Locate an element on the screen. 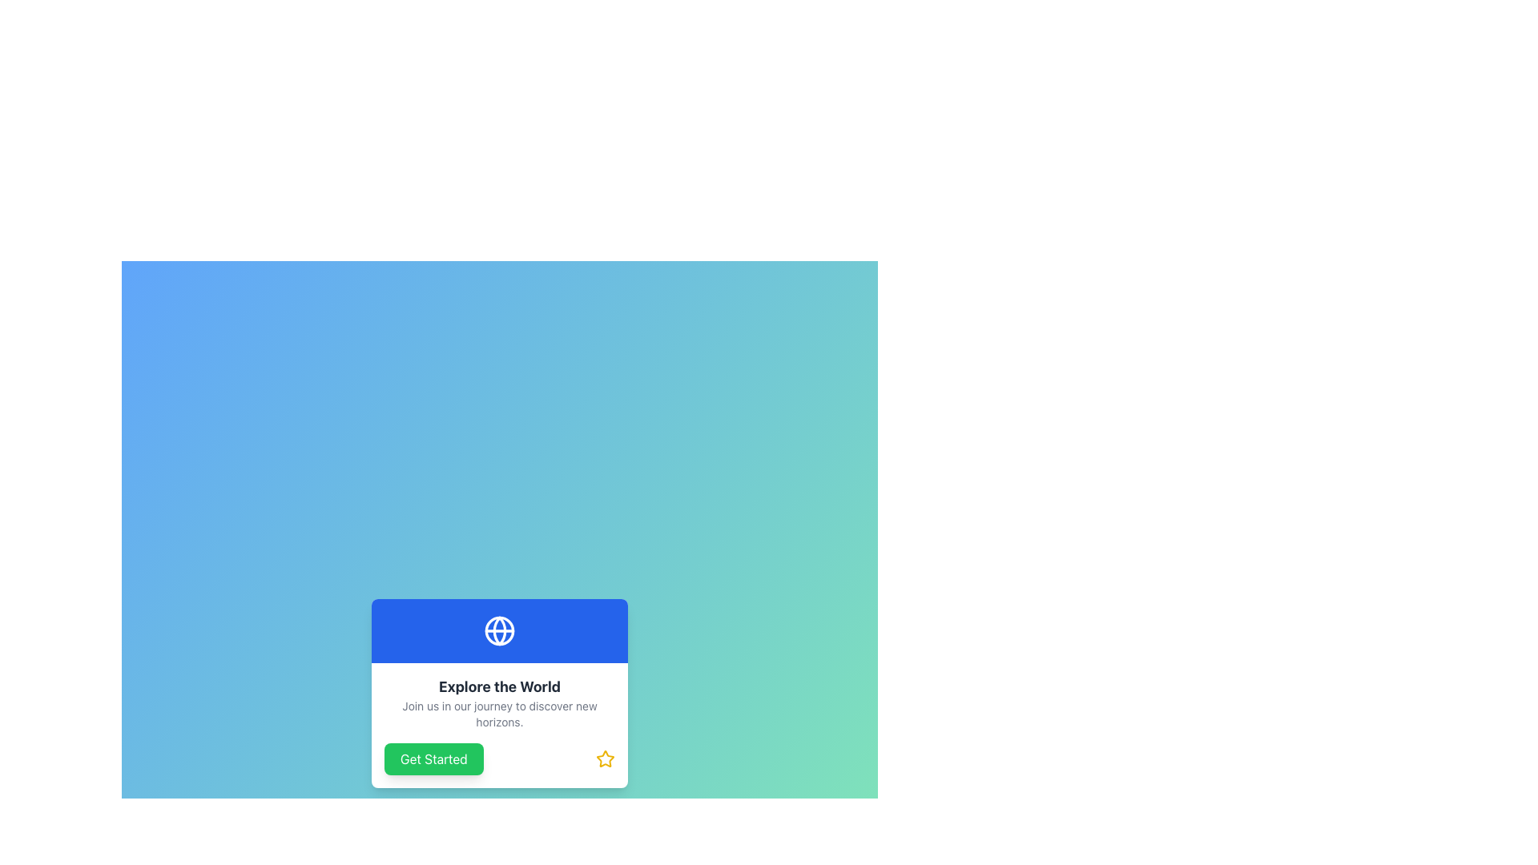 Image resolution: width=1538 pixels, height=865 pixels. the yellow hollow star icon located at the bottom right corner of the card interface that contains the title 'Explore the World' and a green button labeled 'Get Started' is located at coordinates (604, 758).